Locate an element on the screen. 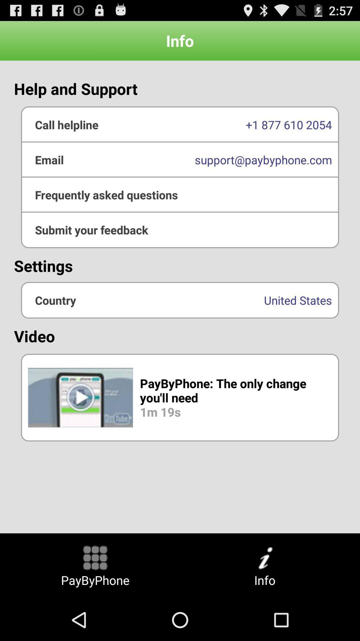  the support@paybyphone.com item is located at coordinates (180, 159).